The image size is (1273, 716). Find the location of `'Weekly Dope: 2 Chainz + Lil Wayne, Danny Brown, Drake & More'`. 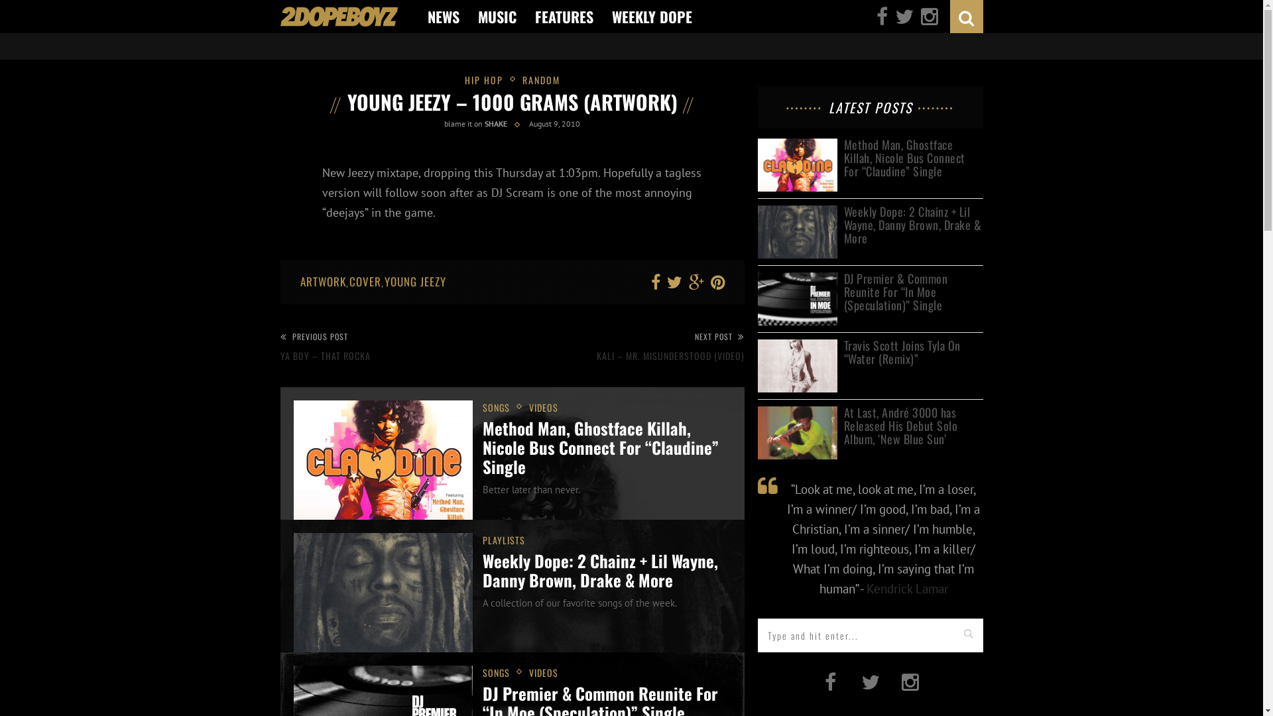

'Weekly Dope: 2 Chainz + Lil Wayne, Danny Brown, Drake & More' is located at coordinates (599, 569).